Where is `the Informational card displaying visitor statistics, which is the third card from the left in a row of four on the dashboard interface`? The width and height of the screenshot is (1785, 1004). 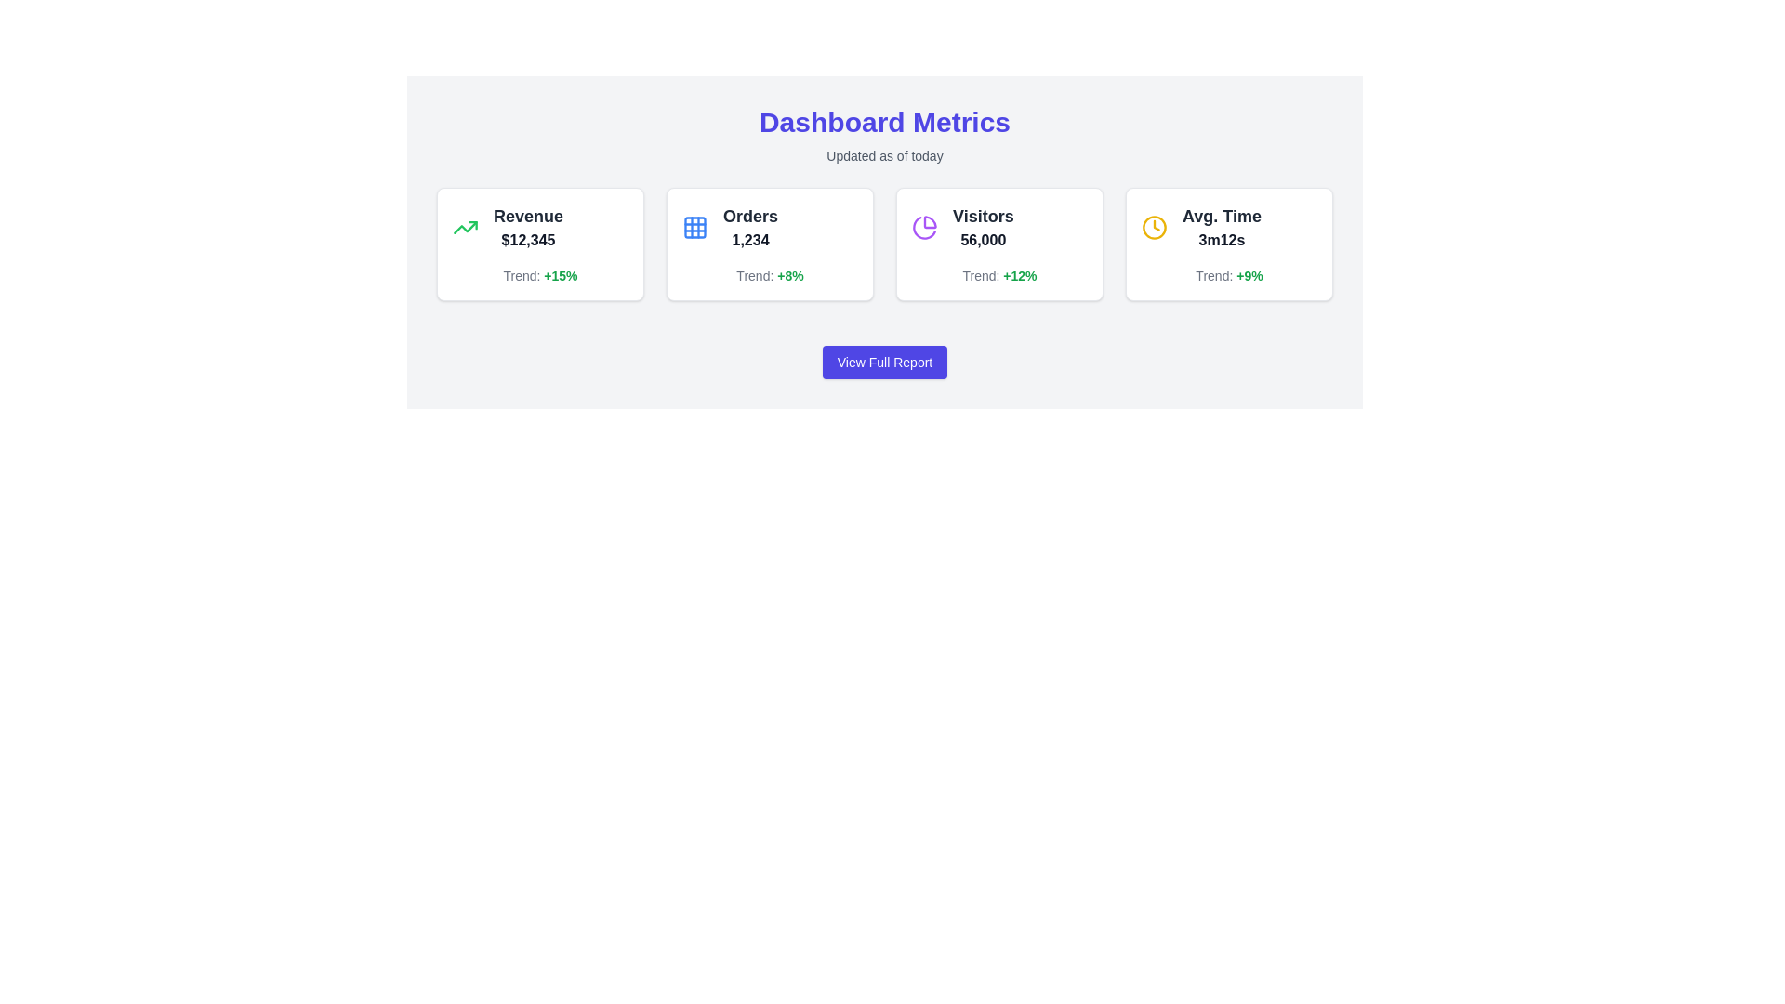 the Informational card displaying visitor statistics, which is the third card from the left in a row of four on the dashboard interface is located at coordinates (998, 243).